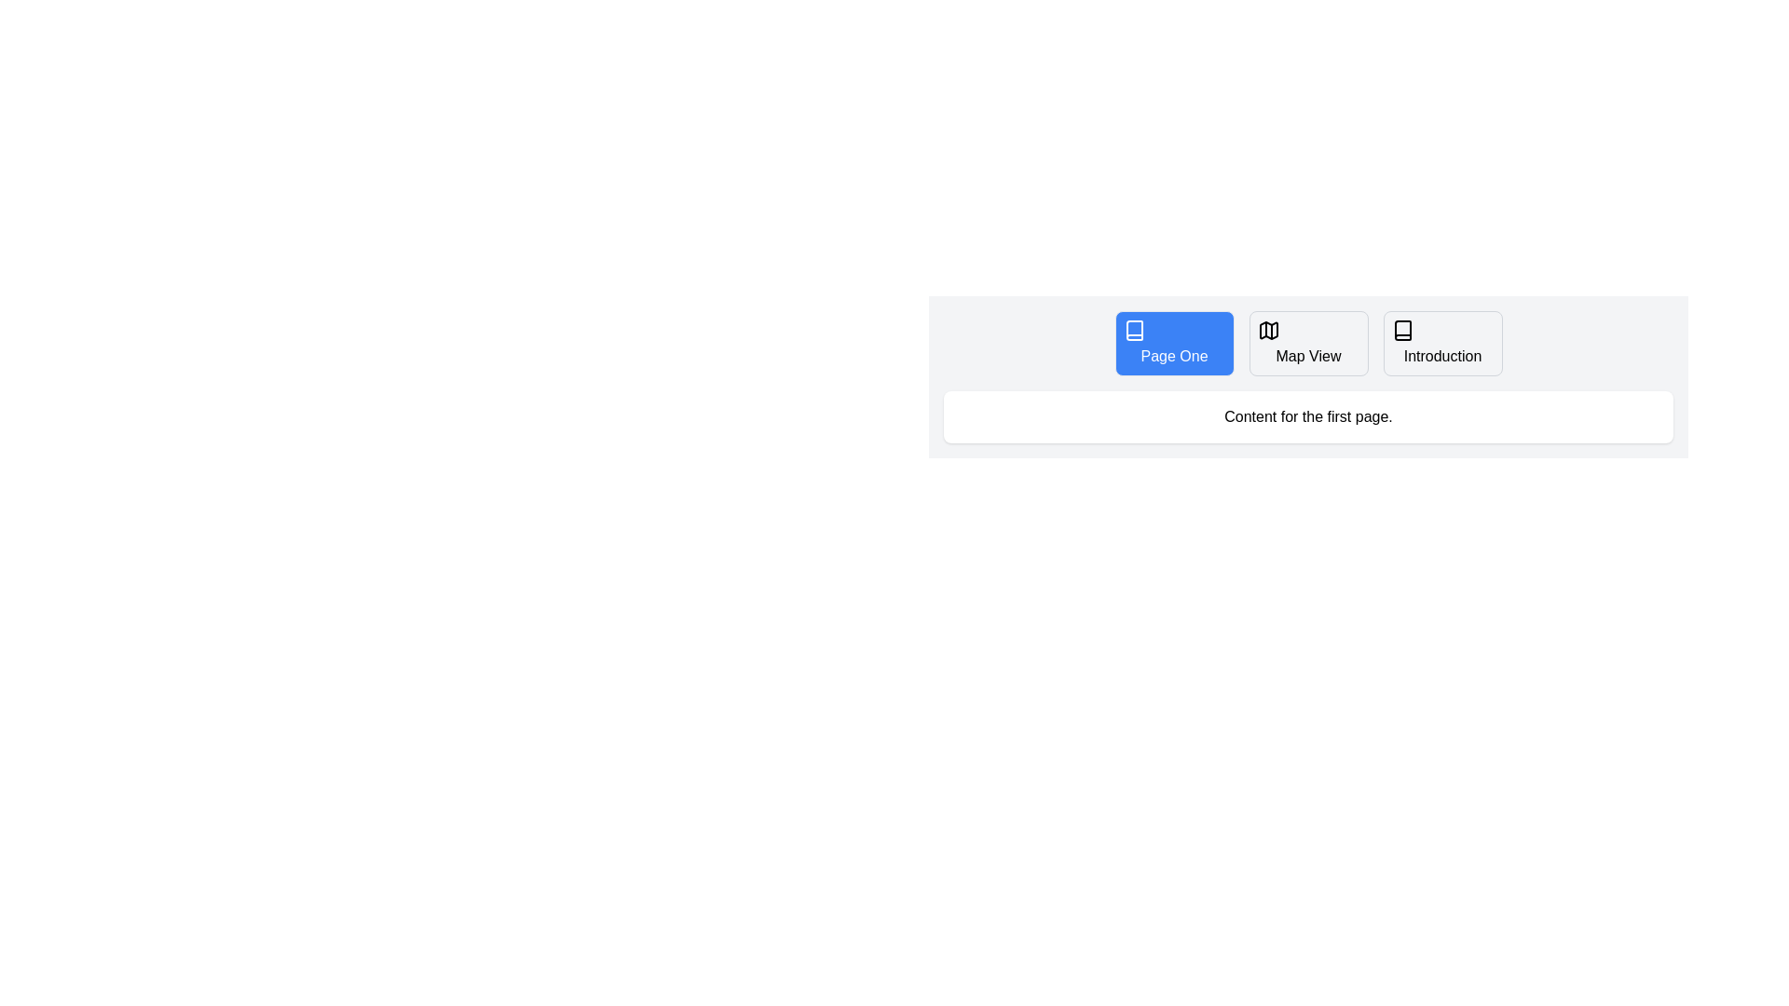 The width and height of the screenshot is (1789, 1006). I want to click on the 'Page One' text label in the navigation bar, so click(1173, 356).